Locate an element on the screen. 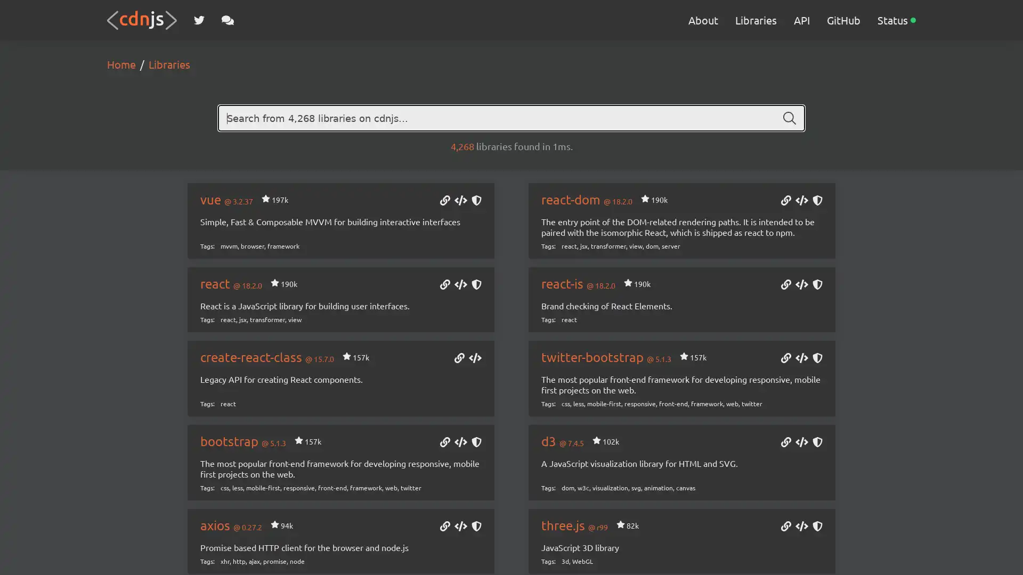 This screenshot has width=1023, height=575. Copy SRI Hash is located at coordinates (817, 527).